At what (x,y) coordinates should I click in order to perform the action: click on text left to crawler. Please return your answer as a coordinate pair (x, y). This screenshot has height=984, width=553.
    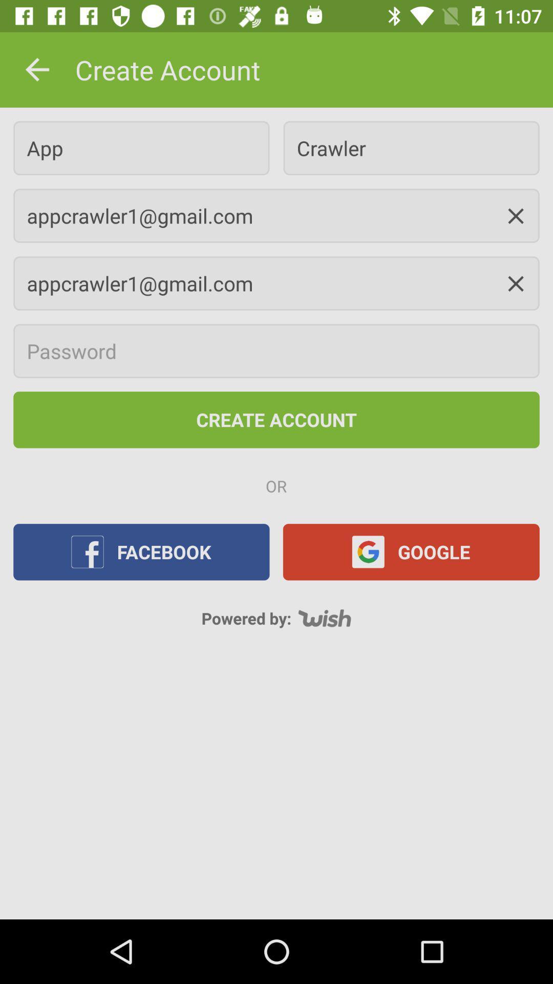
    Looking at the image, I should click on (141, 147).